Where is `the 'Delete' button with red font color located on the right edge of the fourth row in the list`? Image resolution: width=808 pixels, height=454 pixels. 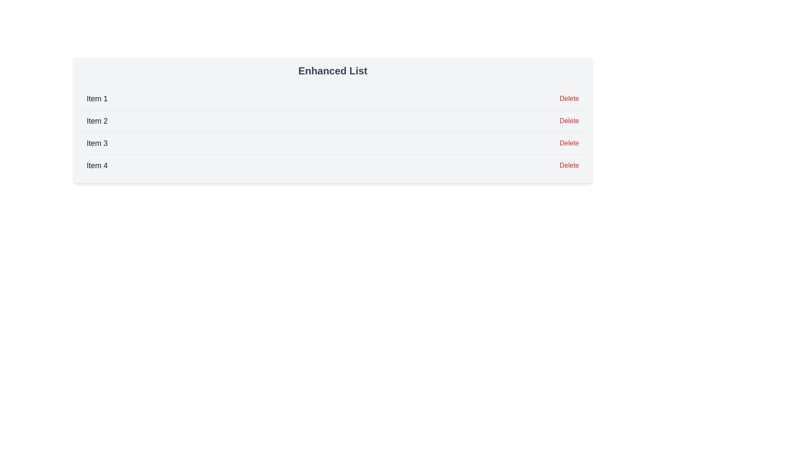 the 'Delete' button with red font color located on the right edge of the fourth row in the list is located at coordinates (569, 165).